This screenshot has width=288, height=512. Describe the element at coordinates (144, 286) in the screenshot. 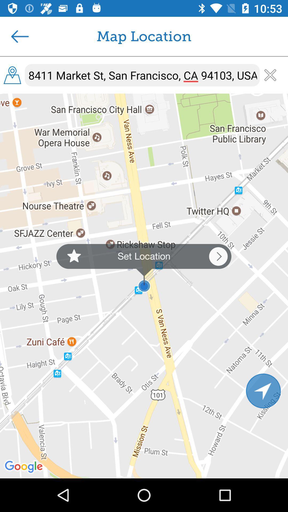

I see `the item below the 8411 market st` at that location.